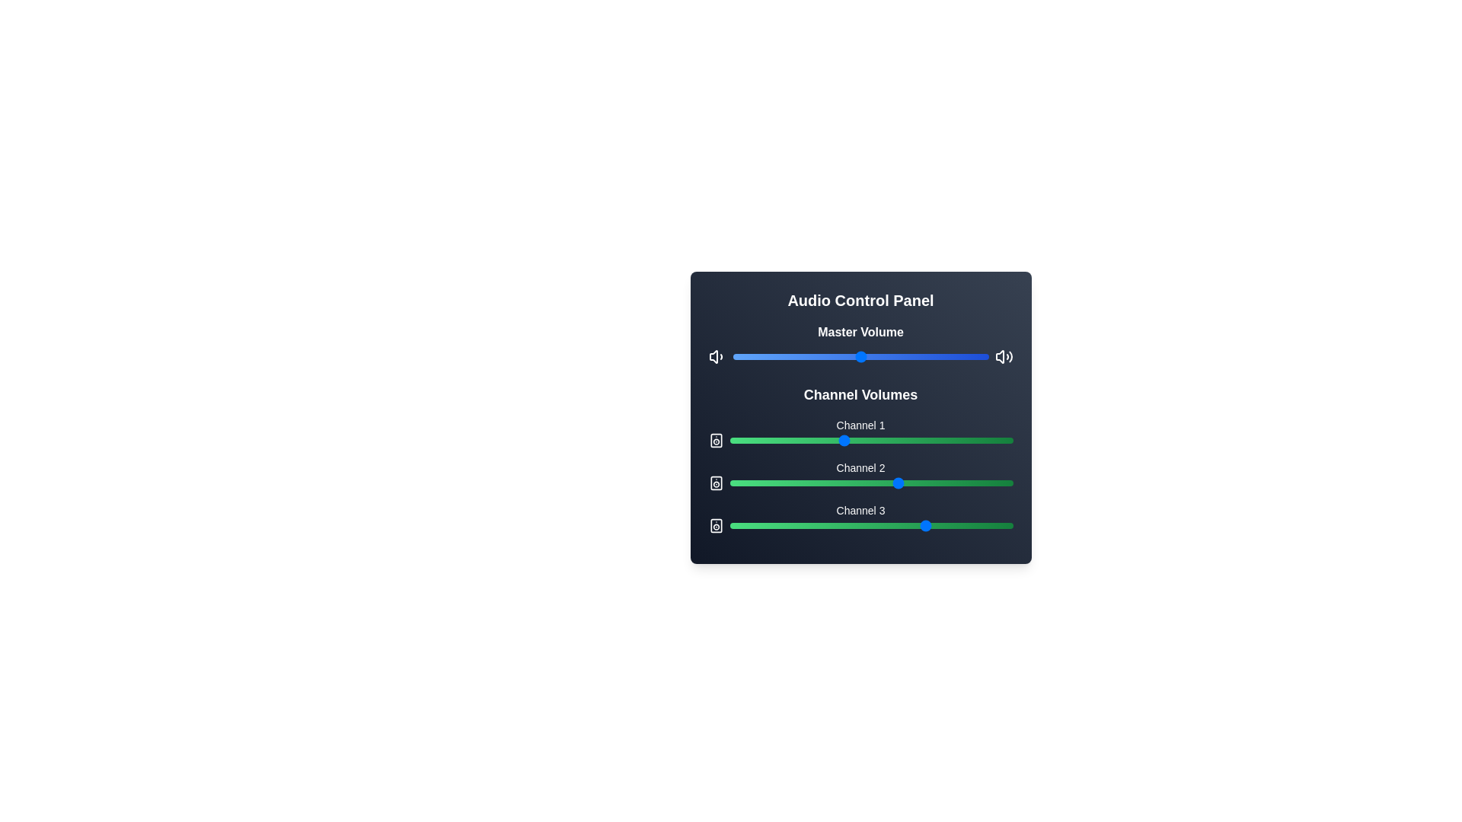  Describe the element at coordinates (1010, 357) in the screenshot. I see `the sound waves icon located in the 'Master Volume' section, which features a smooth curve indicative of sound functionality` at that location.